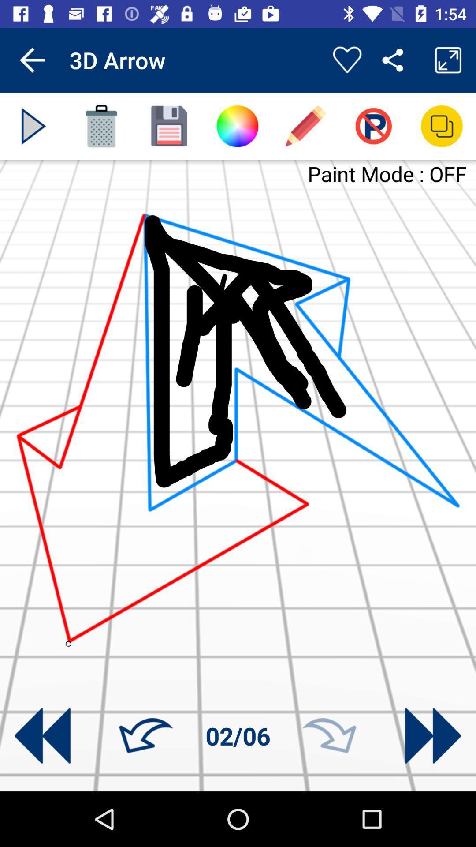  What do you see at coordinates (329, 736) in the screenshot?
I see `use this to go forward` at bounding box center [329, 736].